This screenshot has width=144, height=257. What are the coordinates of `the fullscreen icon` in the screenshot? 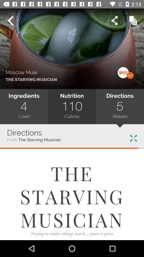 It's located at (133, 138).